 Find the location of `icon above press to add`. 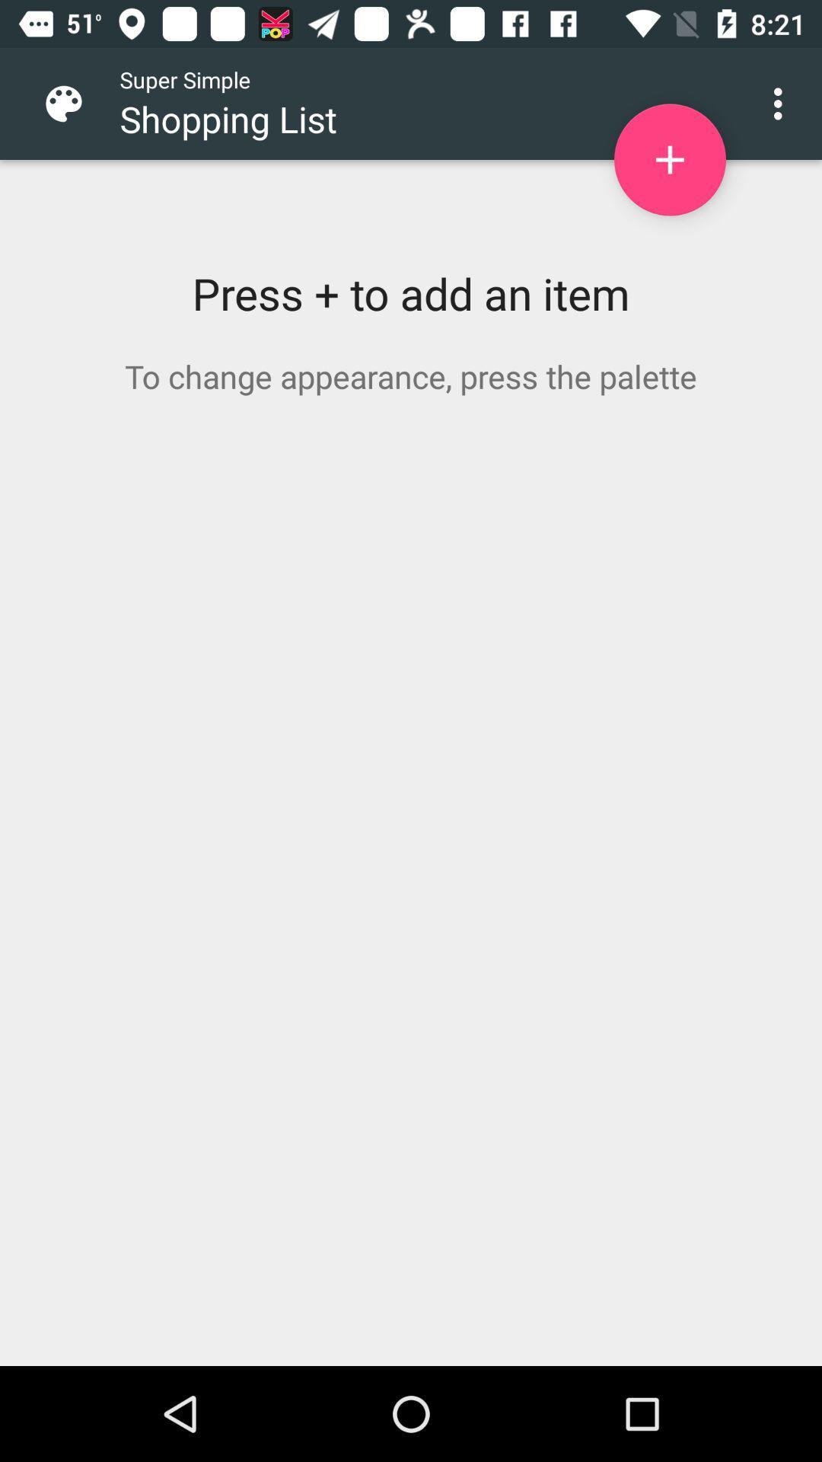

icon above press to add is located at coordinates (782, 103).